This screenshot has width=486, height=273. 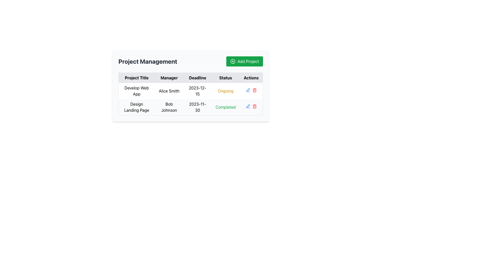 I want to click on the Text Label displaying the name of the manager for a specific project in the second column of the table, so click(x=169, y=90).